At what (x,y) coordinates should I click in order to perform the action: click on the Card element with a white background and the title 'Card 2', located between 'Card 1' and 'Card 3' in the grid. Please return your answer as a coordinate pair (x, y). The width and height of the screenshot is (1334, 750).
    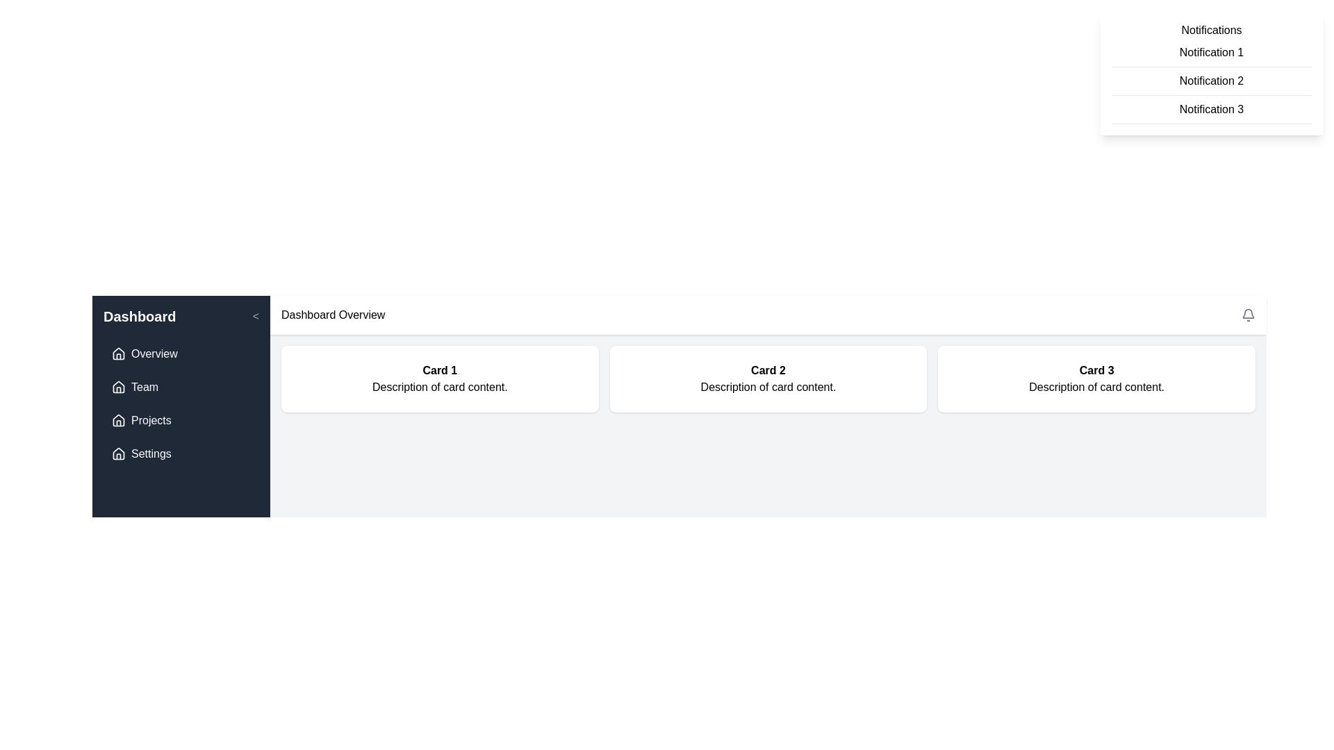
    Looking at the image, I should click on (767, 379).